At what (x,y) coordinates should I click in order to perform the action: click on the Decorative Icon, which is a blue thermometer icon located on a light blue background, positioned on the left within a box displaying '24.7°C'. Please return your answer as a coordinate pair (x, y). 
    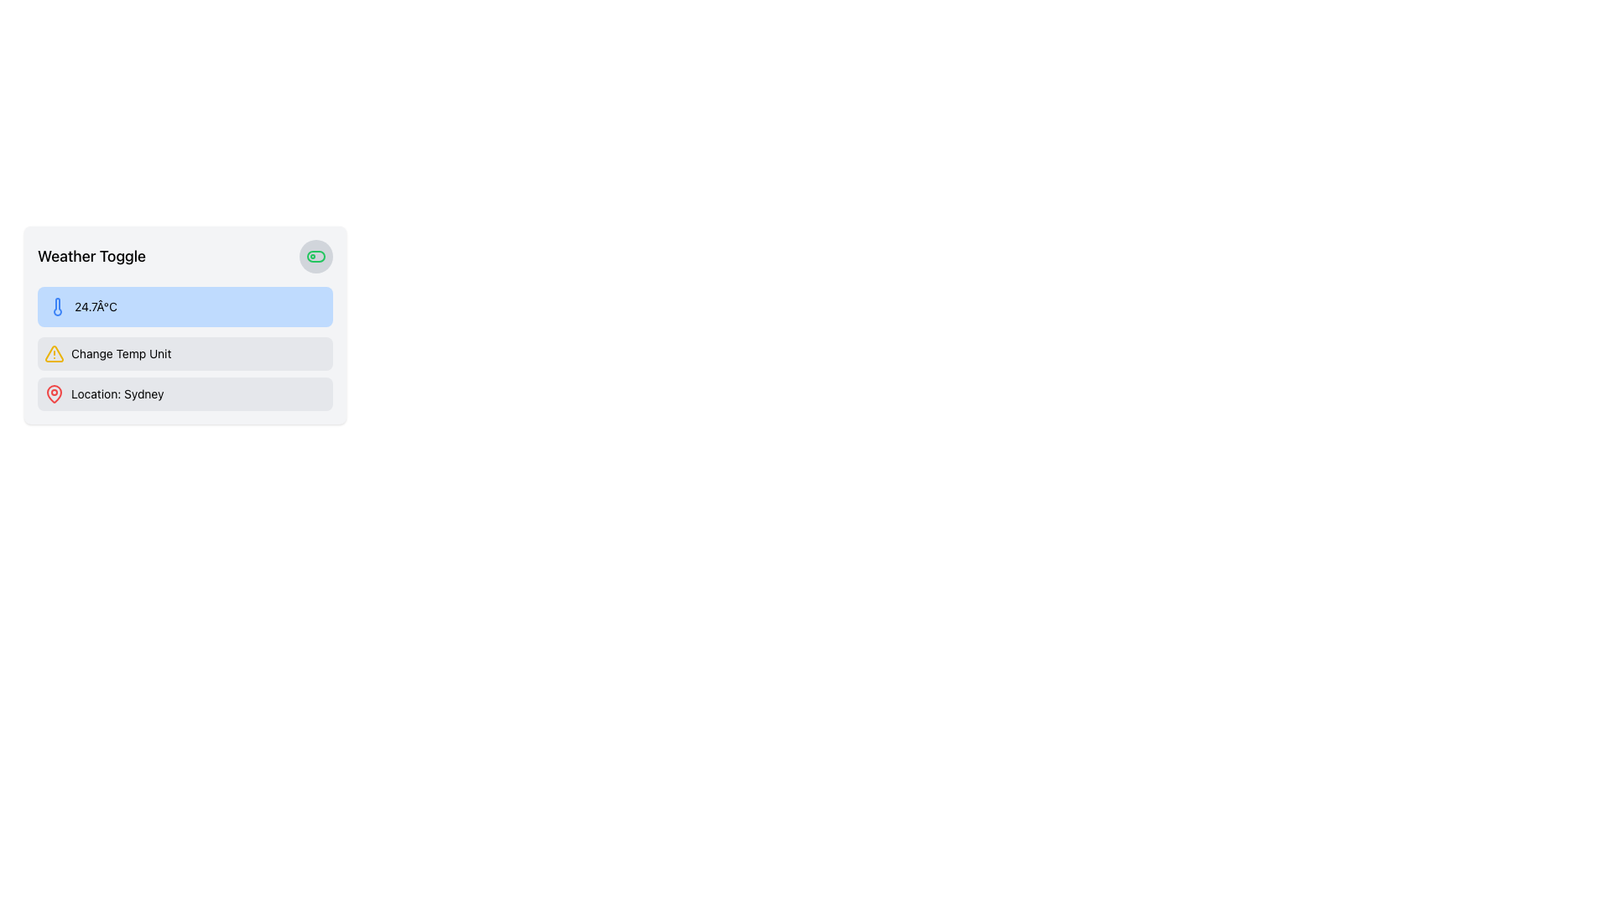
    Looking at the image, I should click on (57, 307).